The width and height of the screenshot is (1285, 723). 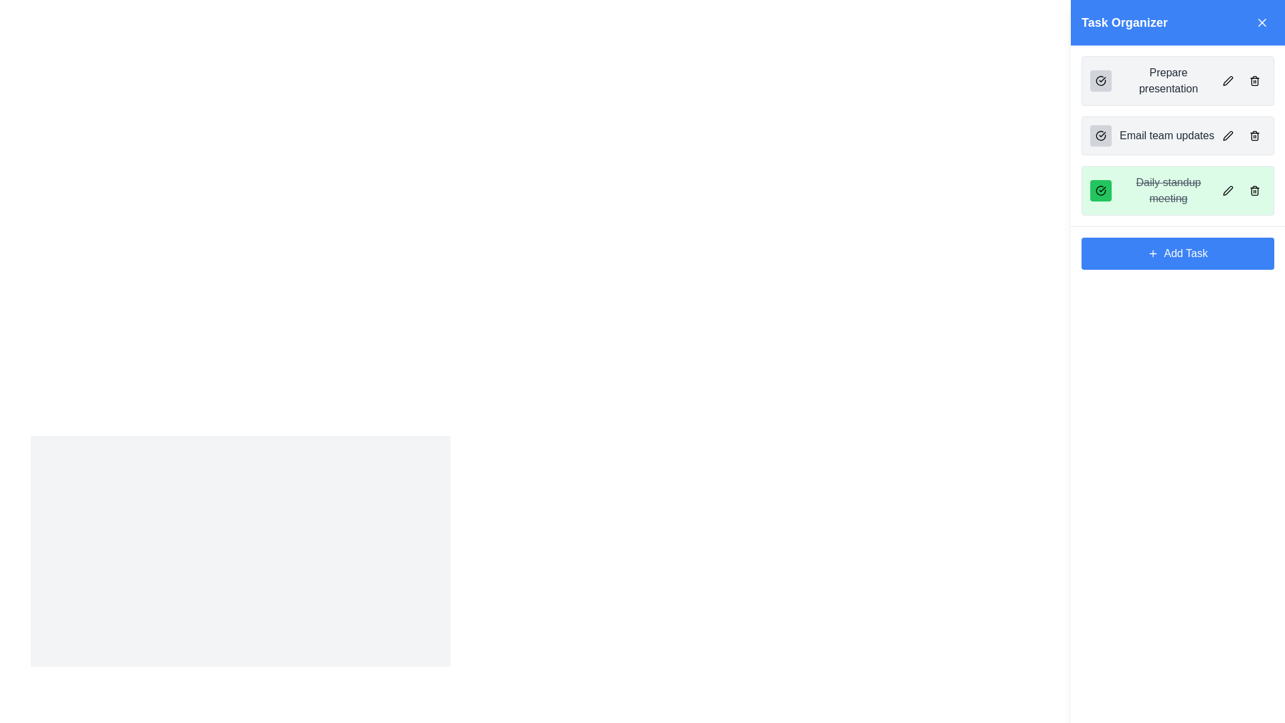 What do you see at coordinates (1262, 23) in the screenshot?
I see `the small blue button with a white 'X' icon in the top-right corner of the 'Task Organizer' panel` at bounding box center [1262, 23].